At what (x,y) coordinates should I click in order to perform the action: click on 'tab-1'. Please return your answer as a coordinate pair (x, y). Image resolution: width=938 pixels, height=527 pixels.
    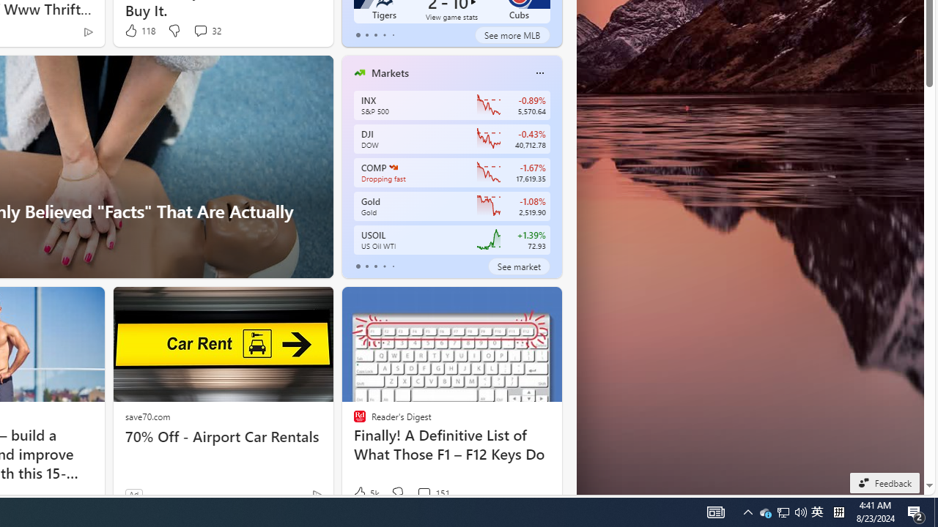
    Looking at the image, I should click on (366, 266).